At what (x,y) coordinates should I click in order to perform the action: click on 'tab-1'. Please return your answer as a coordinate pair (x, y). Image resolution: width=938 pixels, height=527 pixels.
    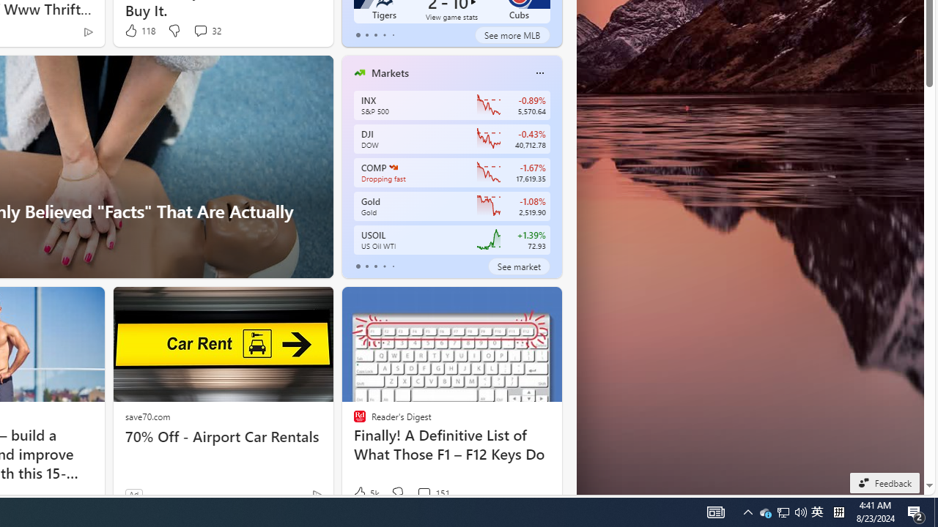
    Looking at the image, I should click on (366, 266).